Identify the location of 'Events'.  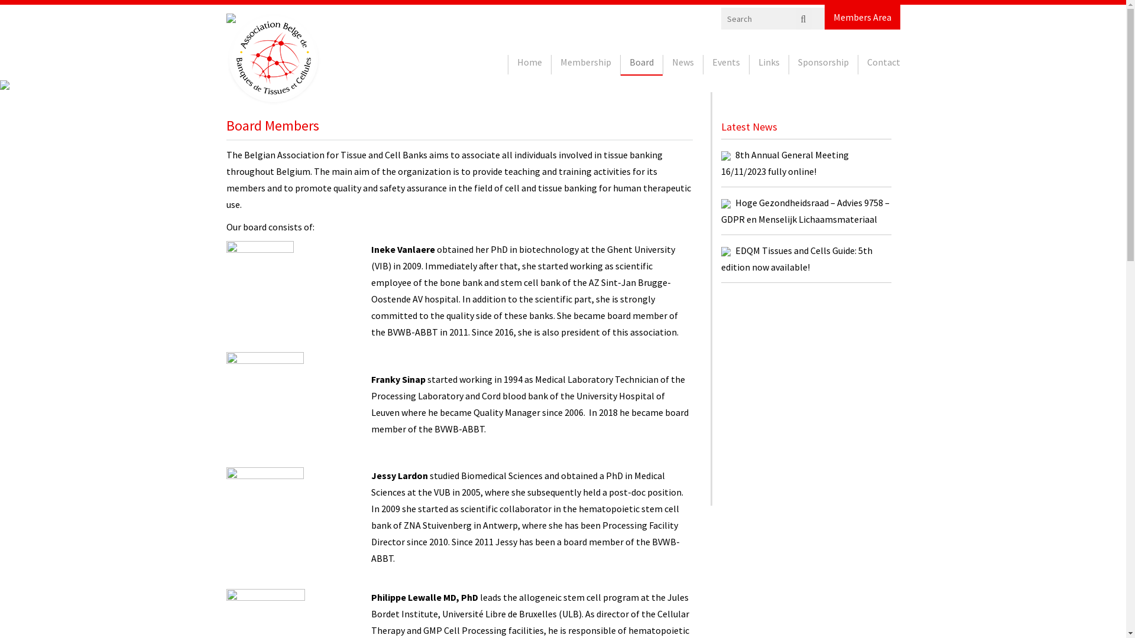
(725, 64).